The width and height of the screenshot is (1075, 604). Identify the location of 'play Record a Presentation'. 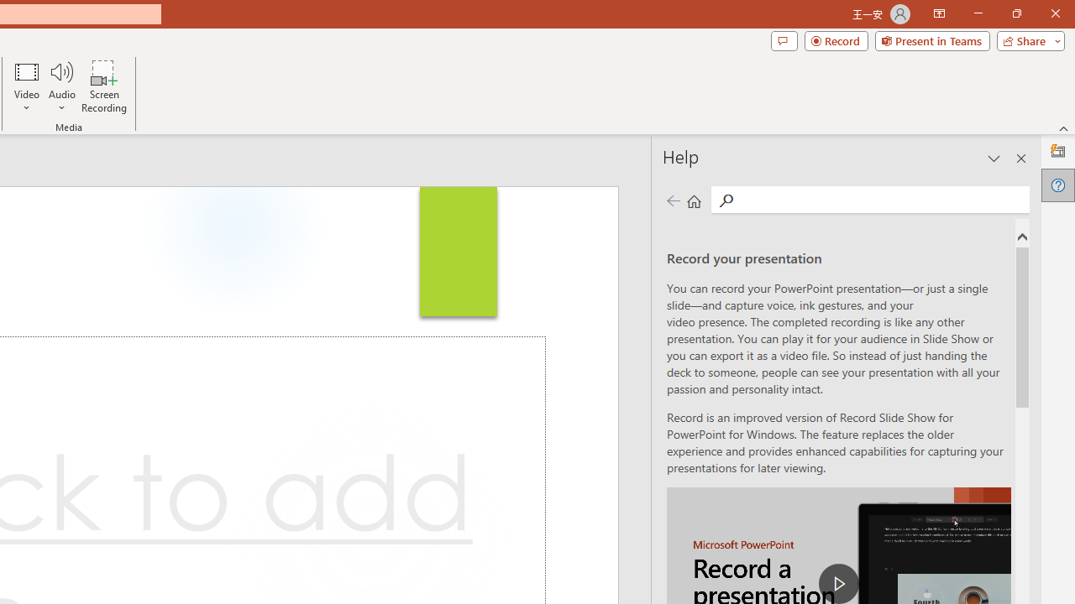
(839, 582).